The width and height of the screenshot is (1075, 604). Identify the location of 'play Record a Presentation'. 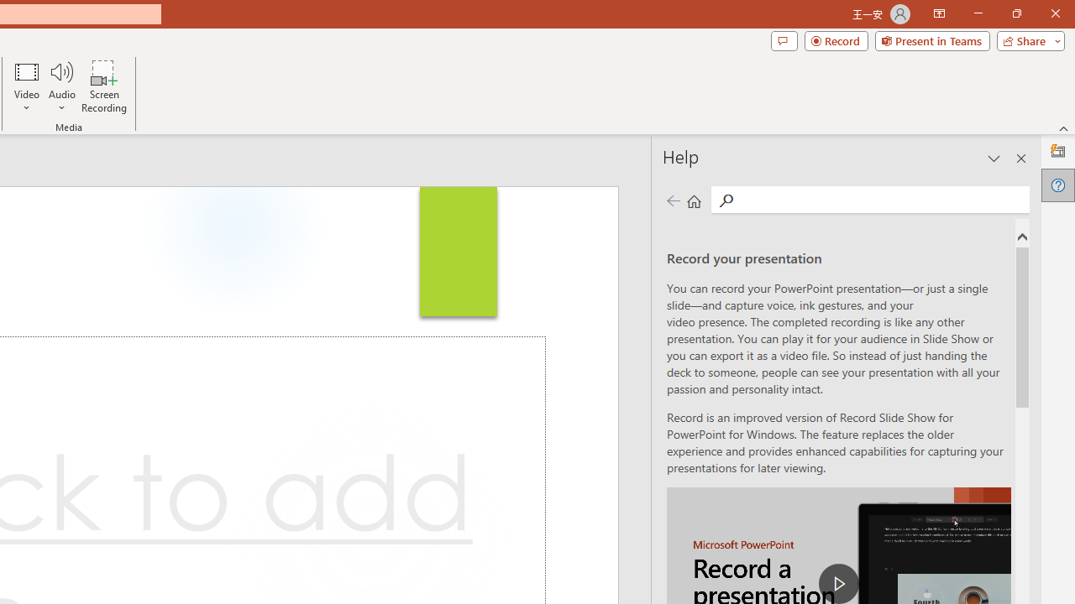
(839, 582).